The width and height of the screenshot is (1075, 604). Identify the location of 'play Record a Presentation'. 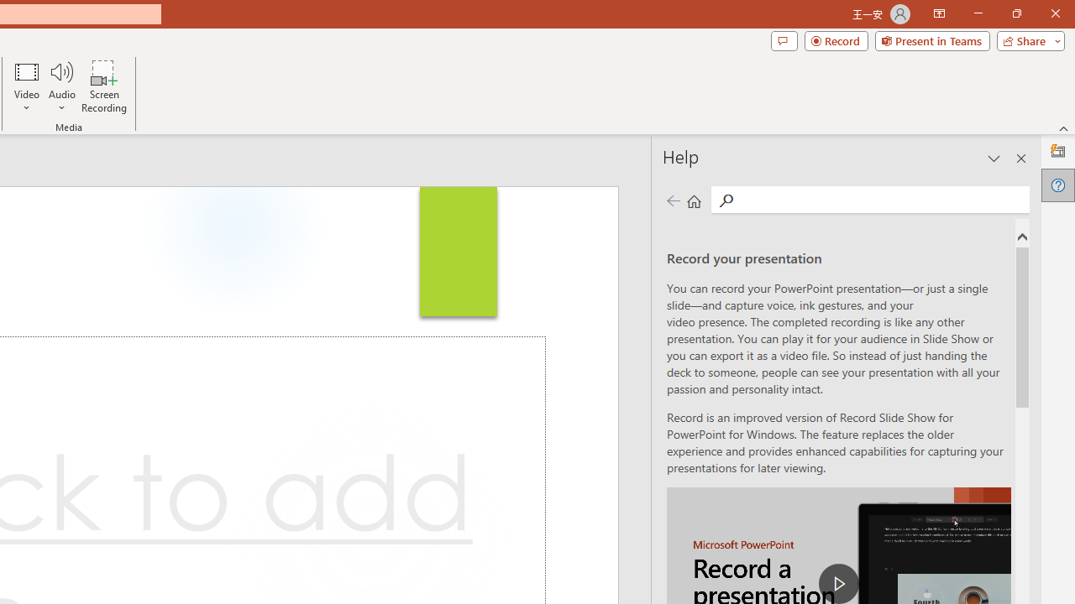
(839, 582).